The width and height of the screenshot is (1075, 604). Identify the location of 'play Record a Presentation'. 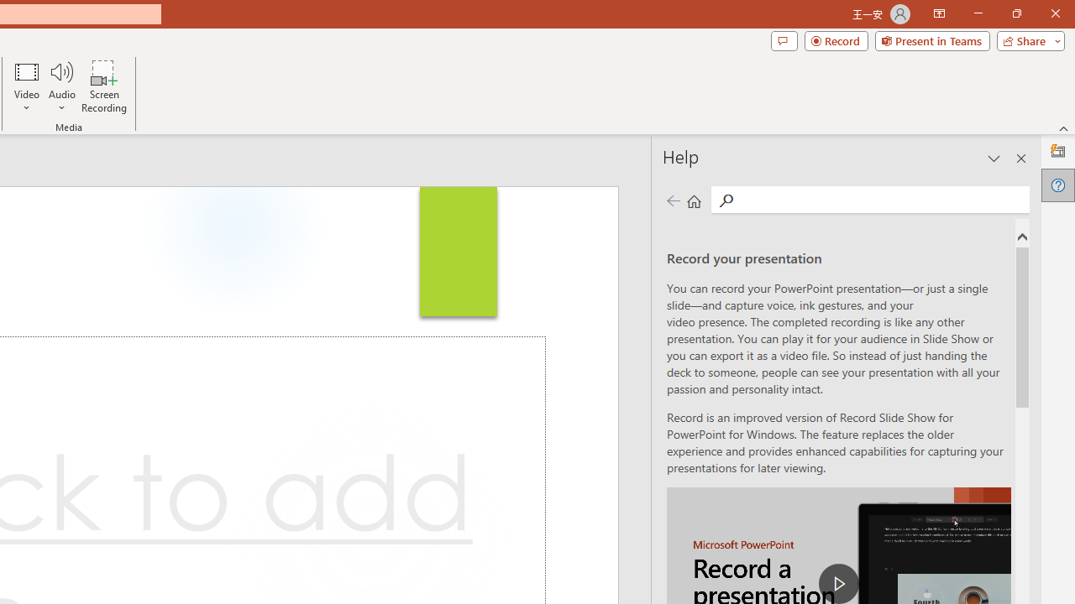
(839, 582).